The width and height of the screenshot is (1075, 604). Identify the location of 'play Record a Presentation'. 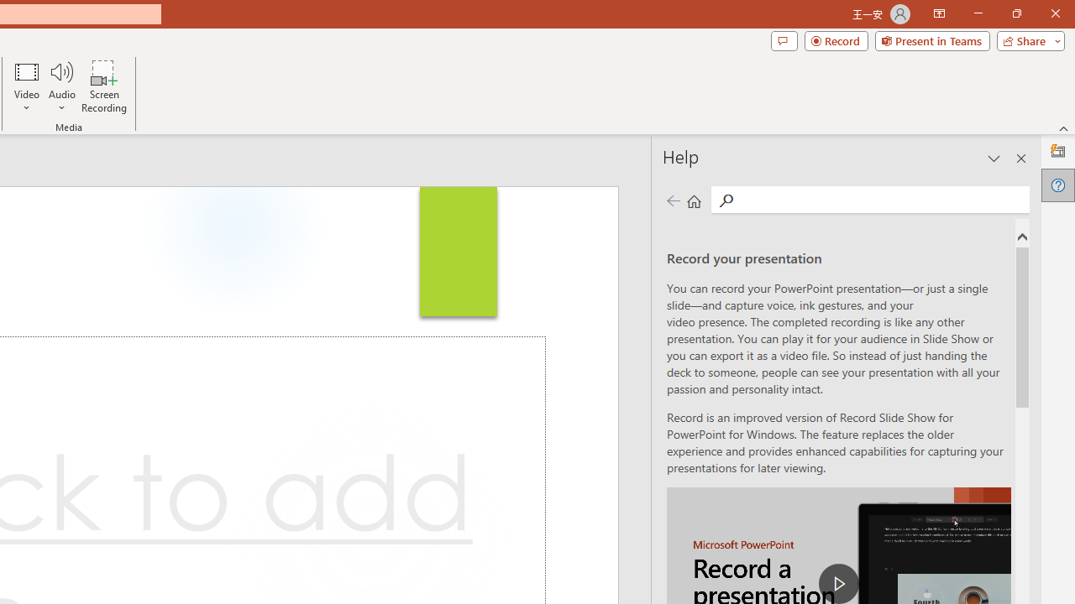
(839, 582).